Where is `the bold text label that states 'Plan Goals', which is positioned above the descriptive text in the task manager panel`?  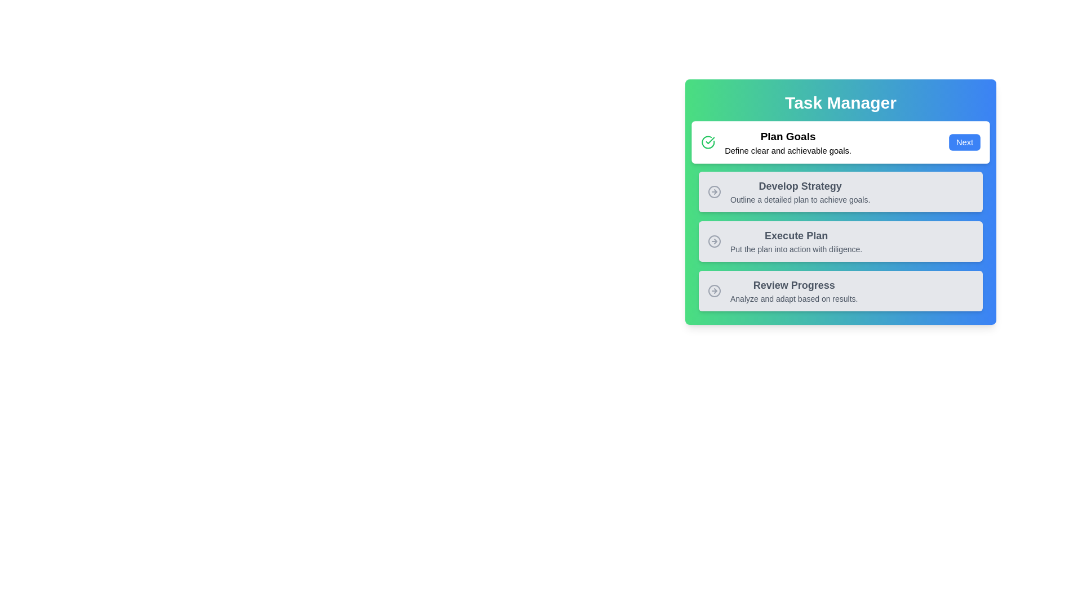 the bold text label that states 'Plan Goals', which is positioned above the descriptive text in the task manager panel is located at coordinates (787, 136).